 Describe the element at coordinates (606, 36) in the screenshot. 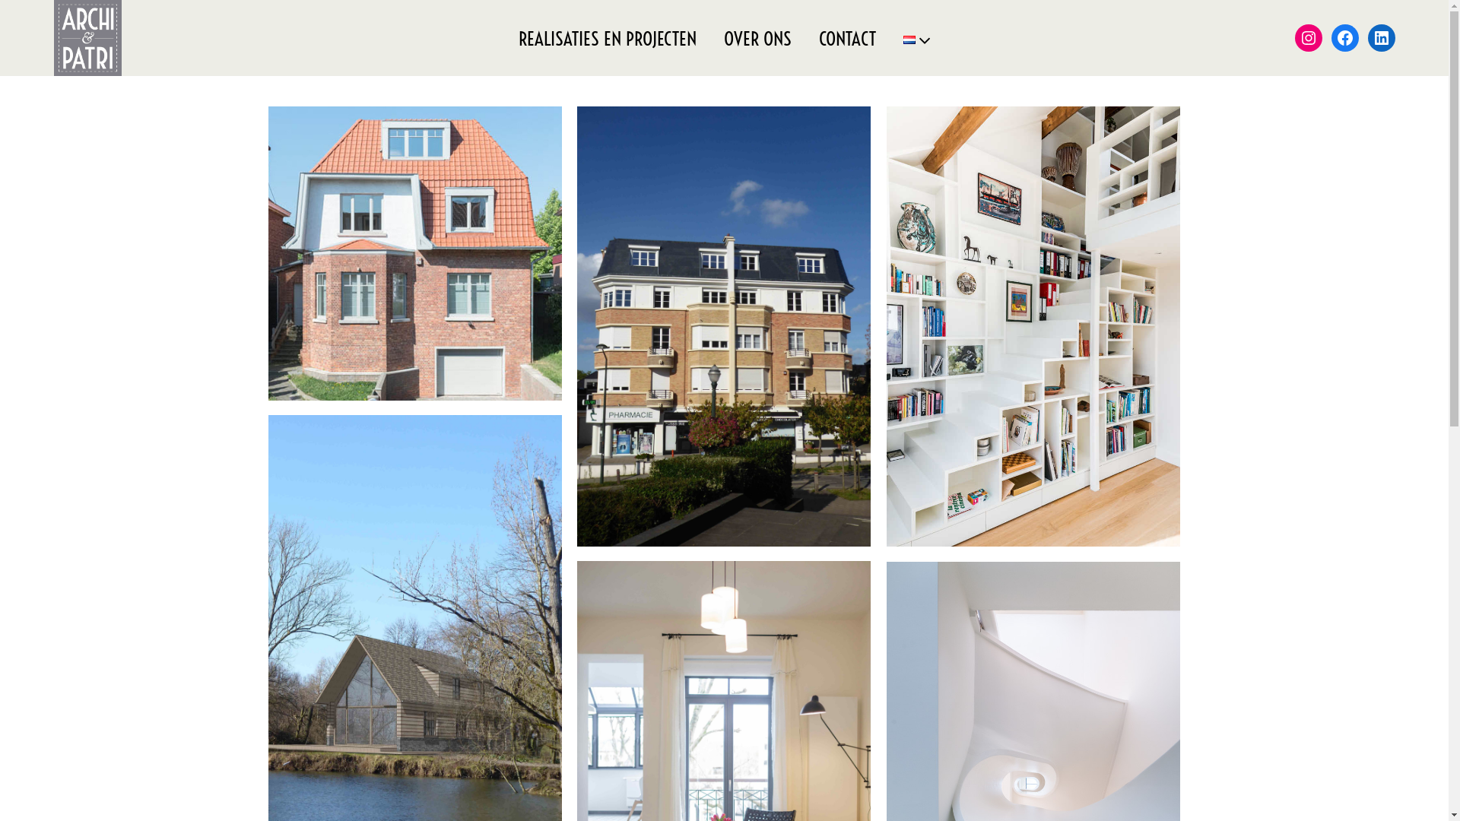

I see `'REALISATIES EN PROJECTEN'` at that location.